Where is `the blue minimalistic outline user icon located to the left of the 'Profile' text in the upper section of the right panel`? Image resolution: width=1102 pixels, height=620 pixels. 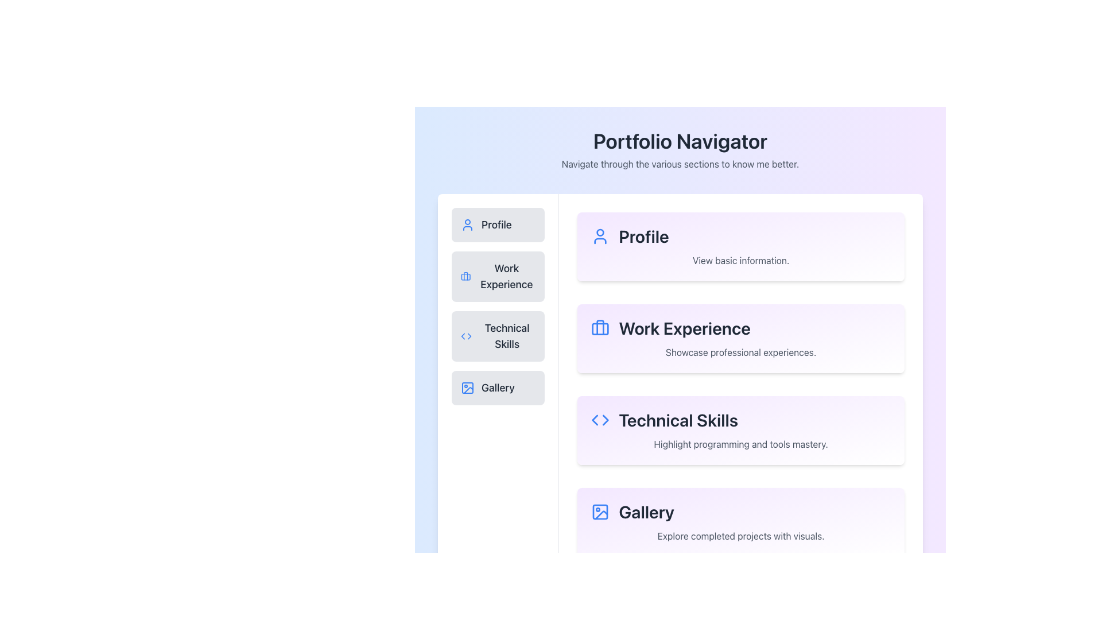 the blue minimalistic outline user icon located to the left of the 'Profile' text in the upper section of the right panel is located at coordinates (600, 236).